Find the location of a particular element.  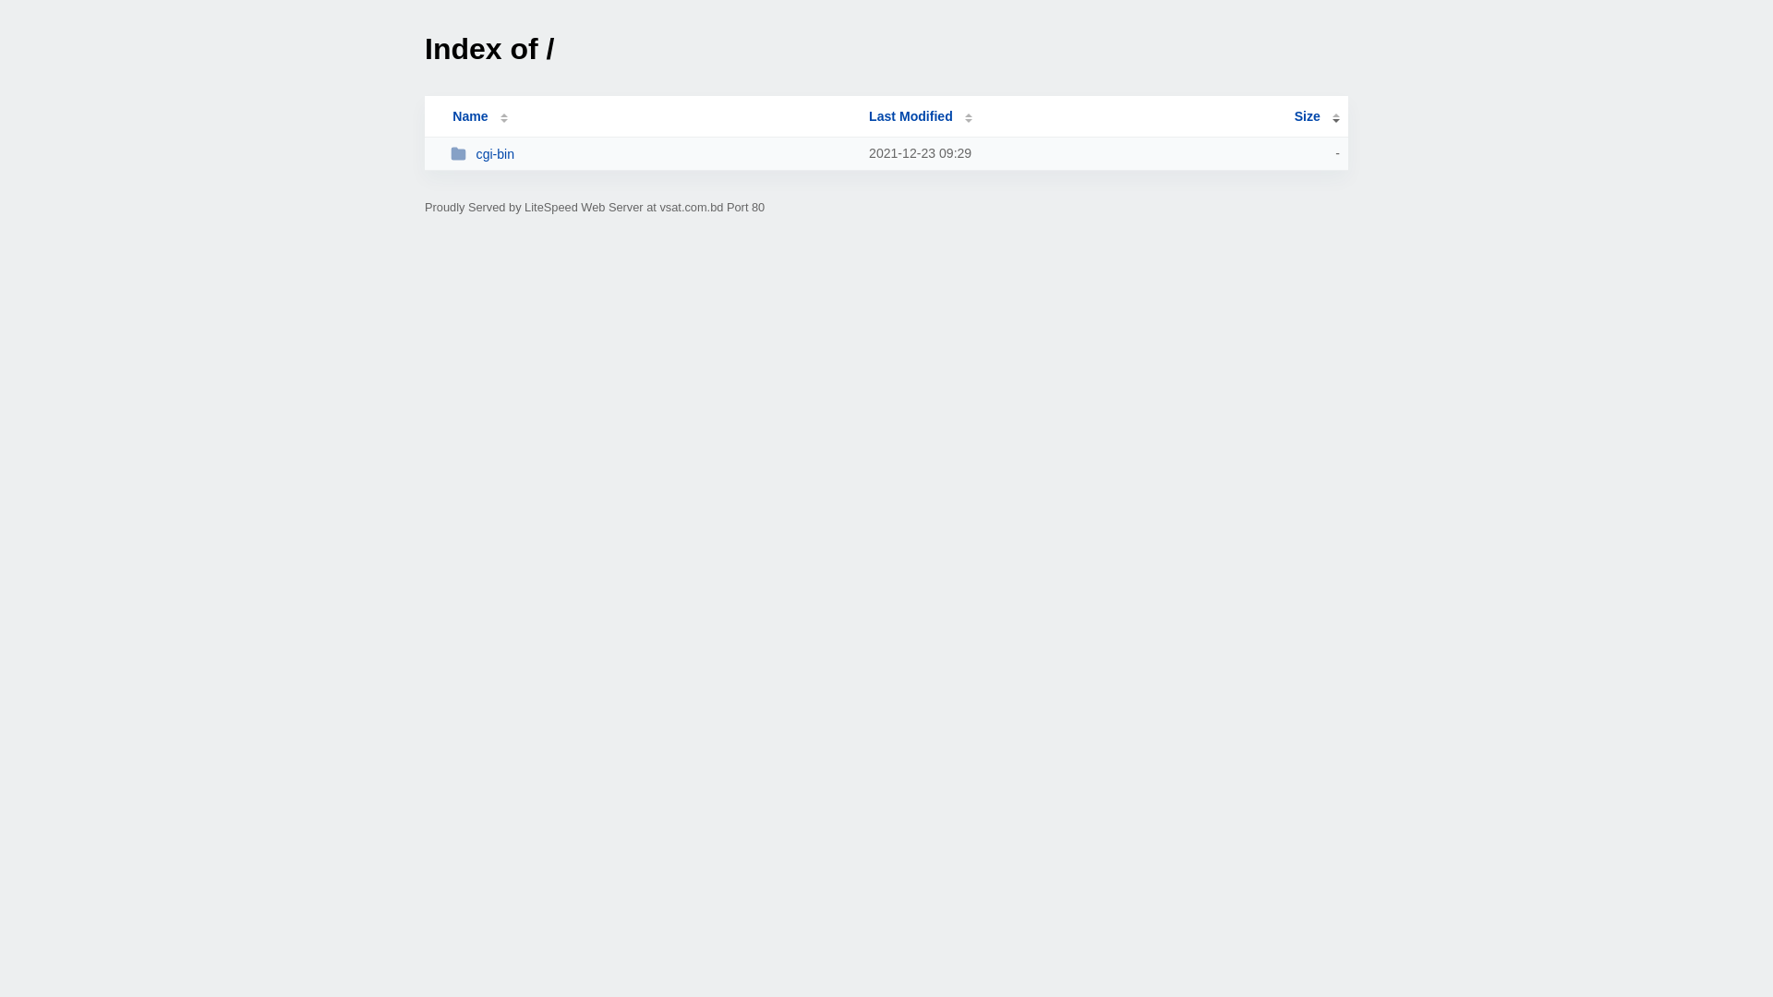

'cgi-bin' is located at coordinates (451, 152).